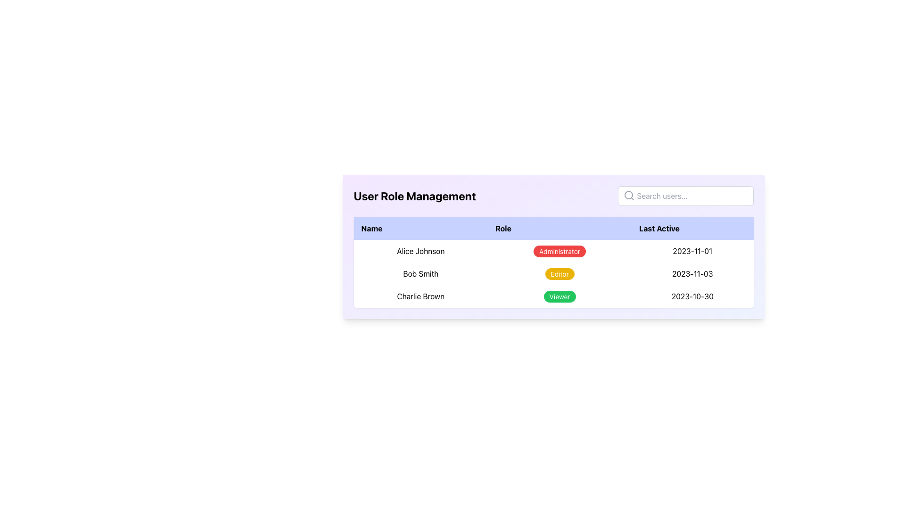  I want to click on the green circular badge with the text 'Viewer' located beside the text 'Viewer' in the third row of the table under the 'Role' column, so click(553, 296).